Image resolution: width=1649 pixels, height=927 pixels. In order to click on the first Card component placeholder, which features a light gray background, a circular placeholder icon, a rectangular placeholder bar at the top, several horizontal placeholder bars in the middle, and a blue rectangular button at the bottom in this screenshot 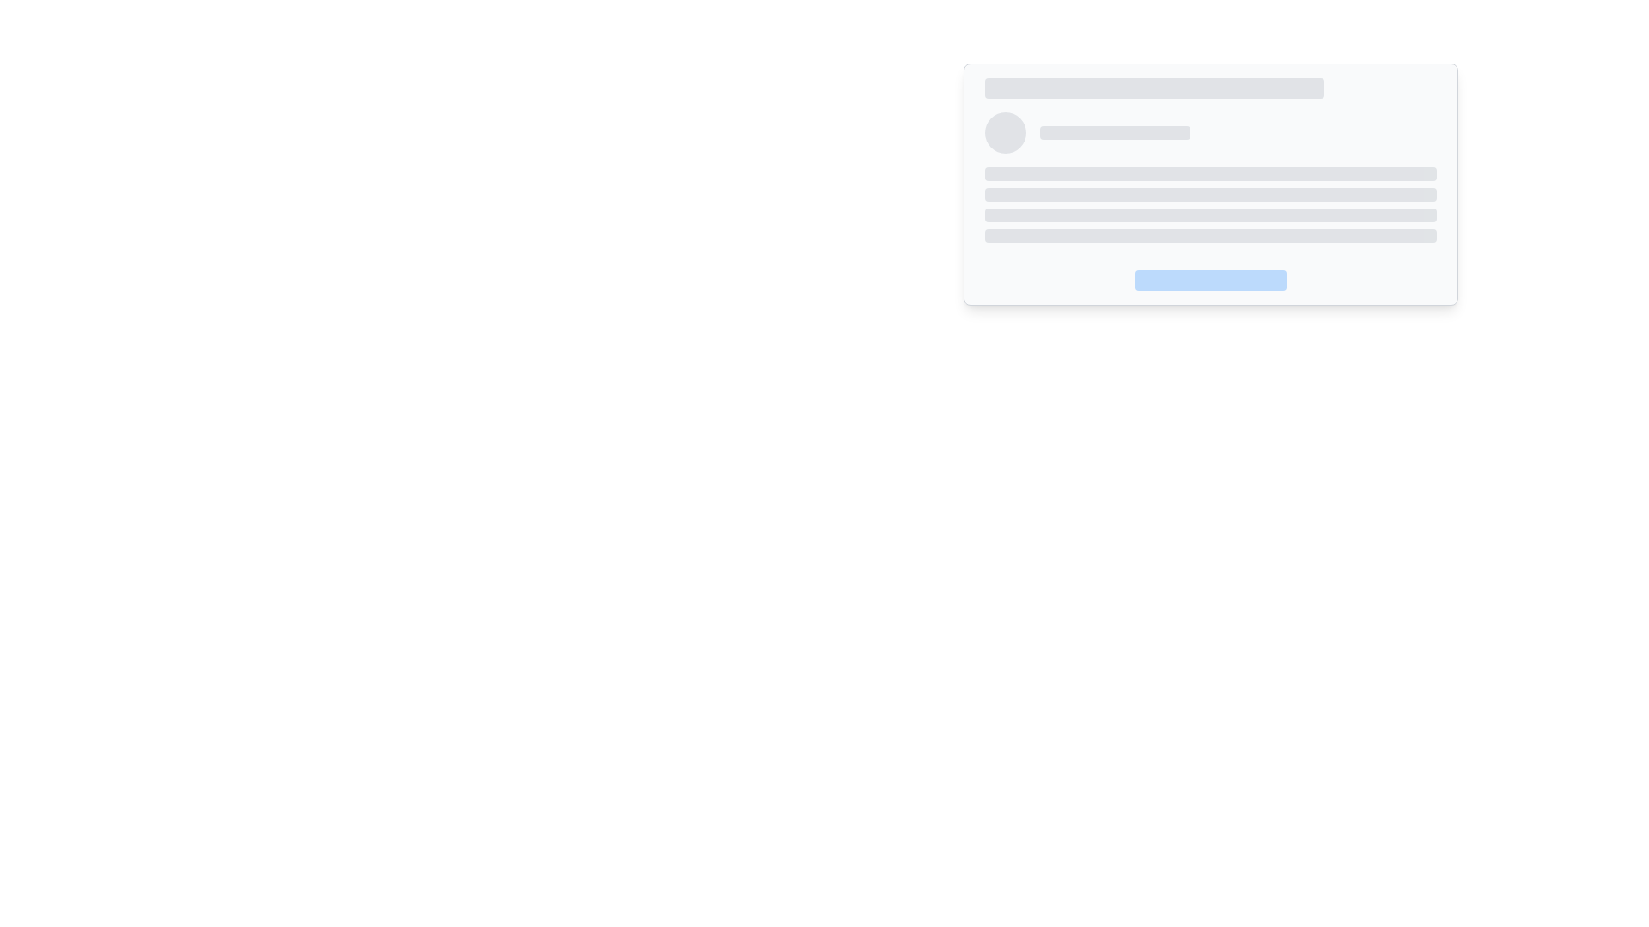, I will do `click(1210, 185)`.